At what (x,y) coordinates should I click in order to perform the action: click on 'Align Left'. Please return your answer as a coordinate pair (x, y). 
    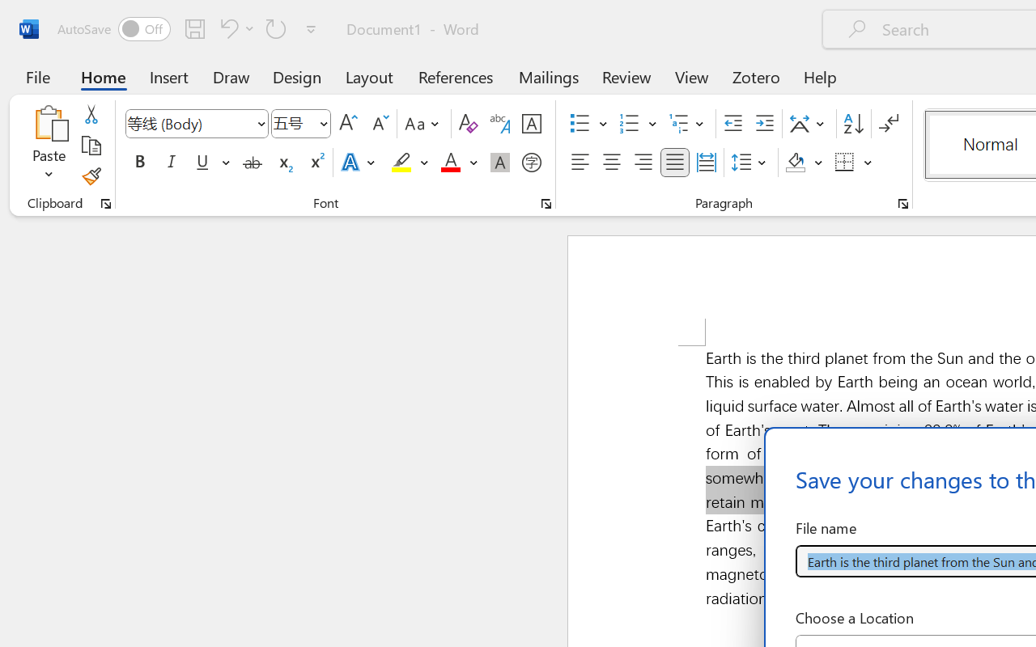
    Looking at the image, I should click on (580, 163).